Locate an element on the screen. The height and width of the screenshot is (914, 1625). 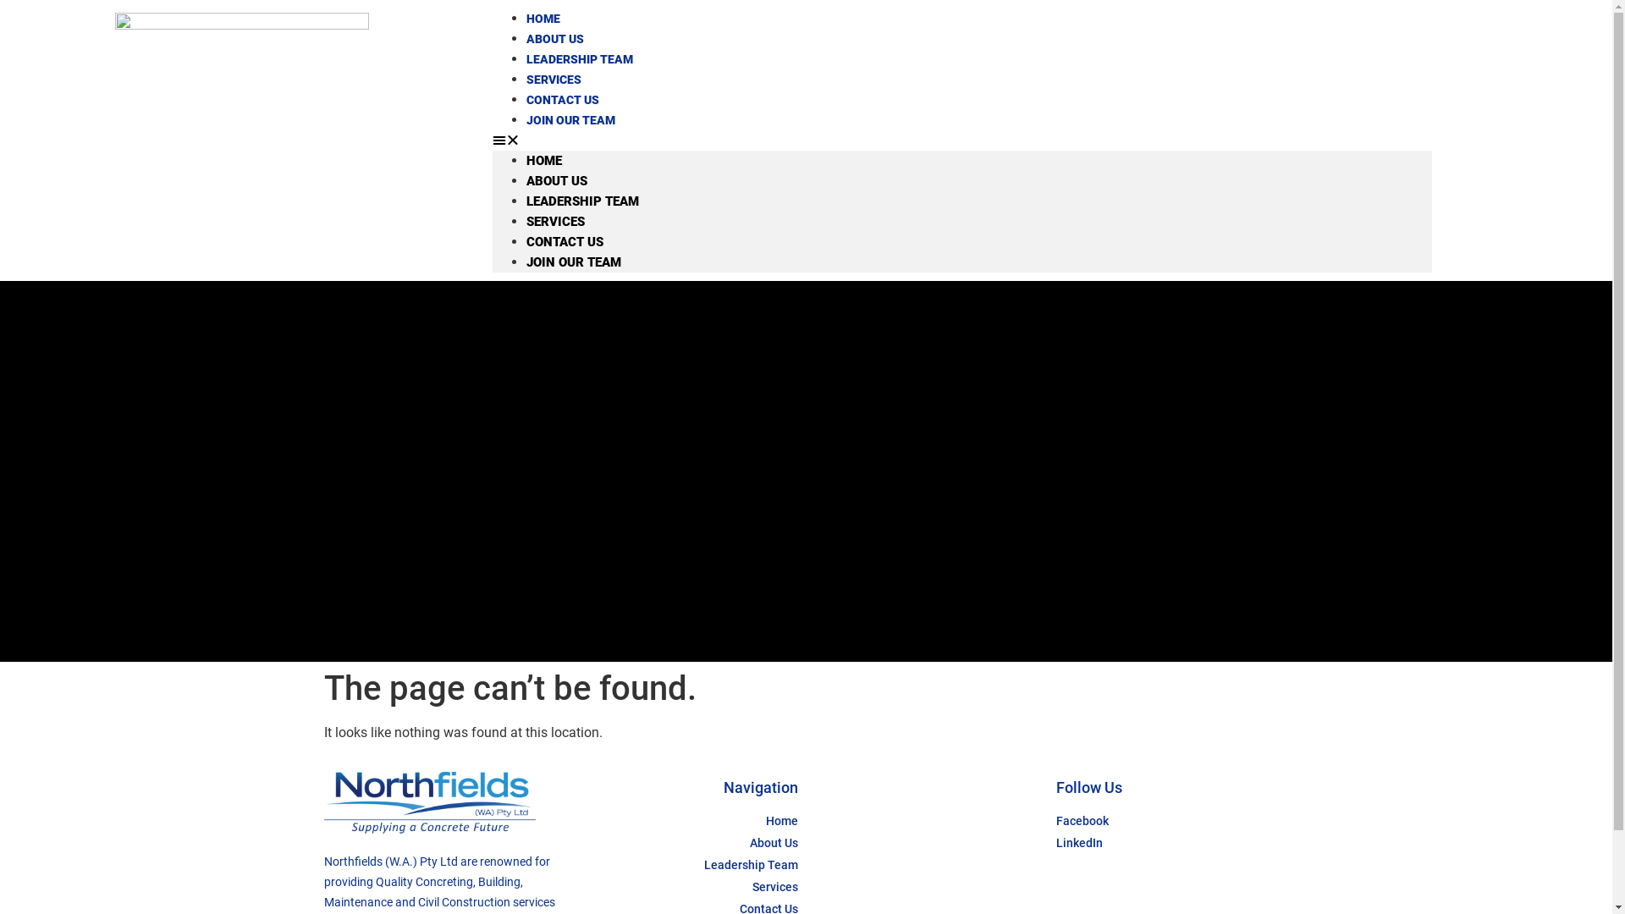
'ABOUT US' is located at coordinates (526, 38).